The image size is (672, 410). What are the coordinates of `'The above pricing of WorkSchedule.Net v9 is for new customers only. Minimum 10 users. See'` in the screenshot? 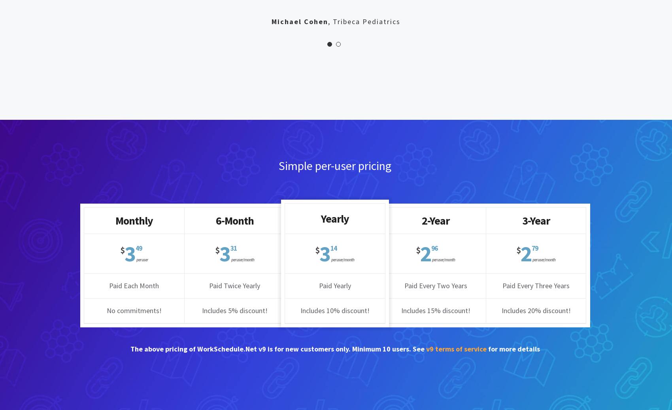 It's located at (277, 348).